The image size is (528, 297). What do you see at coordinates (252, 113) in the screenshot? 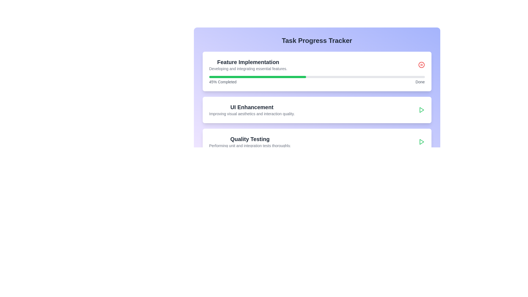
I see `the text label reading 'Improving visual aesthetics and interaction quality.' which is styled in gray and positioned beneath the heading 'UI Enhancement'` at bounding box center [252, 113].